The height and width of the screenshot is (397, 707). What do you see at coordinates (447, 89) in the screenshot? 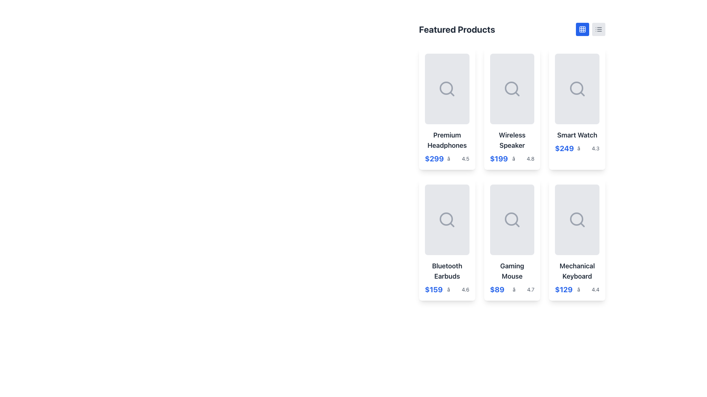
I see `the search icon located in the first product card under 'Featured Products' to interact with it` at bounding box center [447, 89].